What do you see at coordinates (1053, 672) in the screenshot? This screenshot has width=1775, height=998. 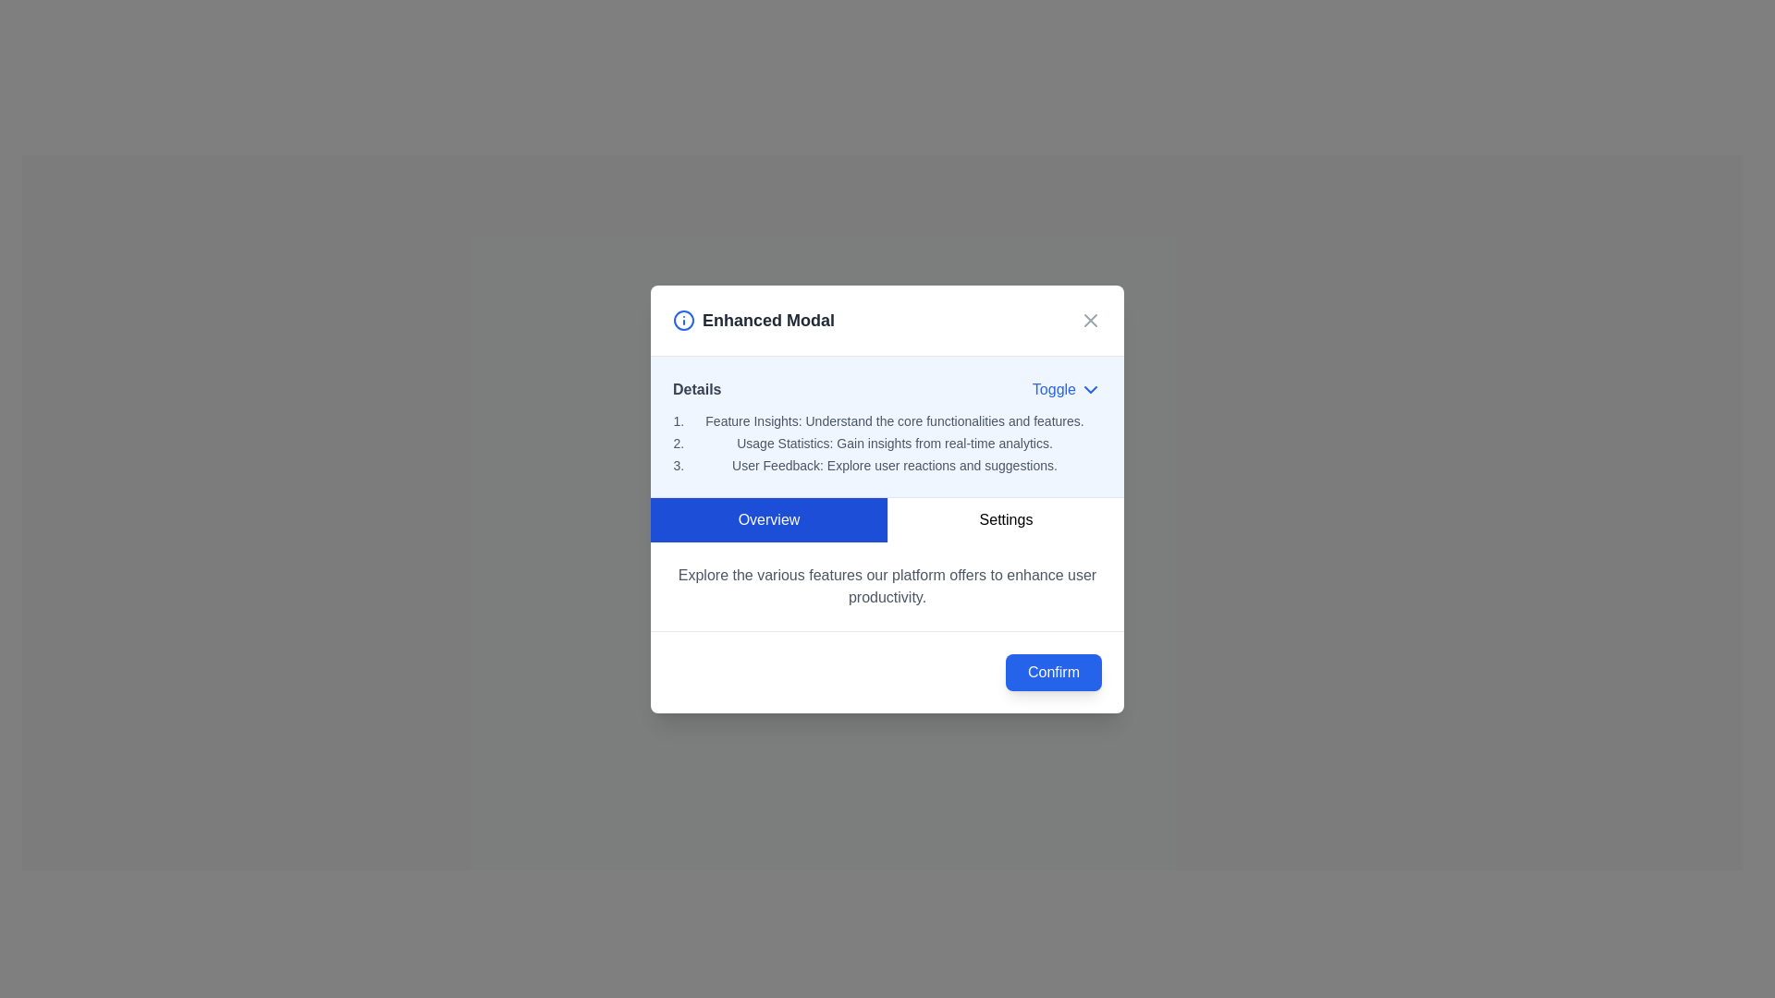 I see `the 'Confirm' button located in the bottom-right corner of the modal dialog to confirm the action` at bounding box center [1053, 672].